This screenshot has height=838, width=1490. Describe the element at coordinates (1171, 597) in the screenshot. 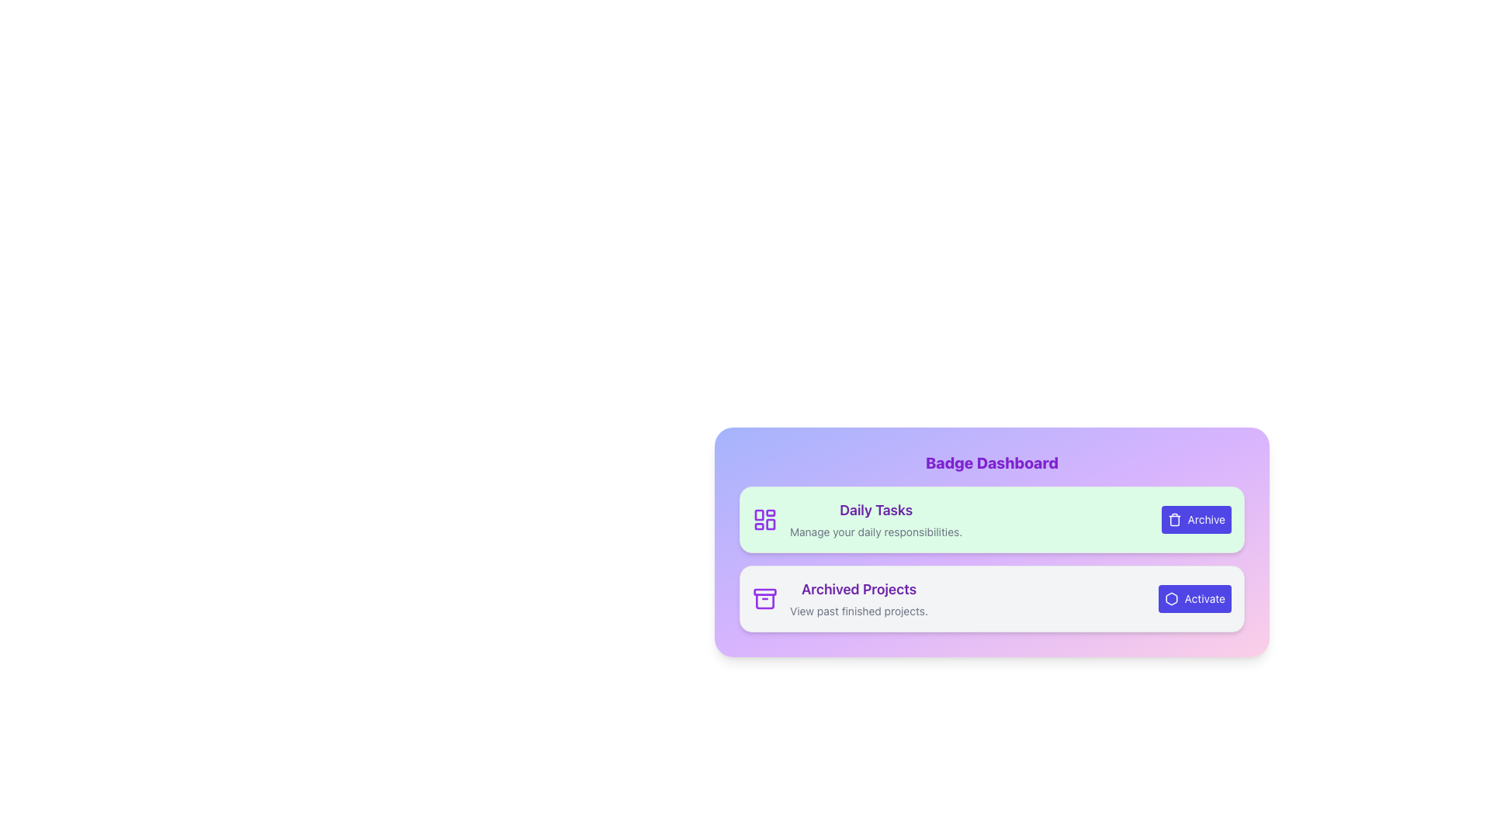

I see `the decorative icon associated with the 'Activate' button in the 'Archived Projects' section of the 'Badge Dashboard'` at that location.